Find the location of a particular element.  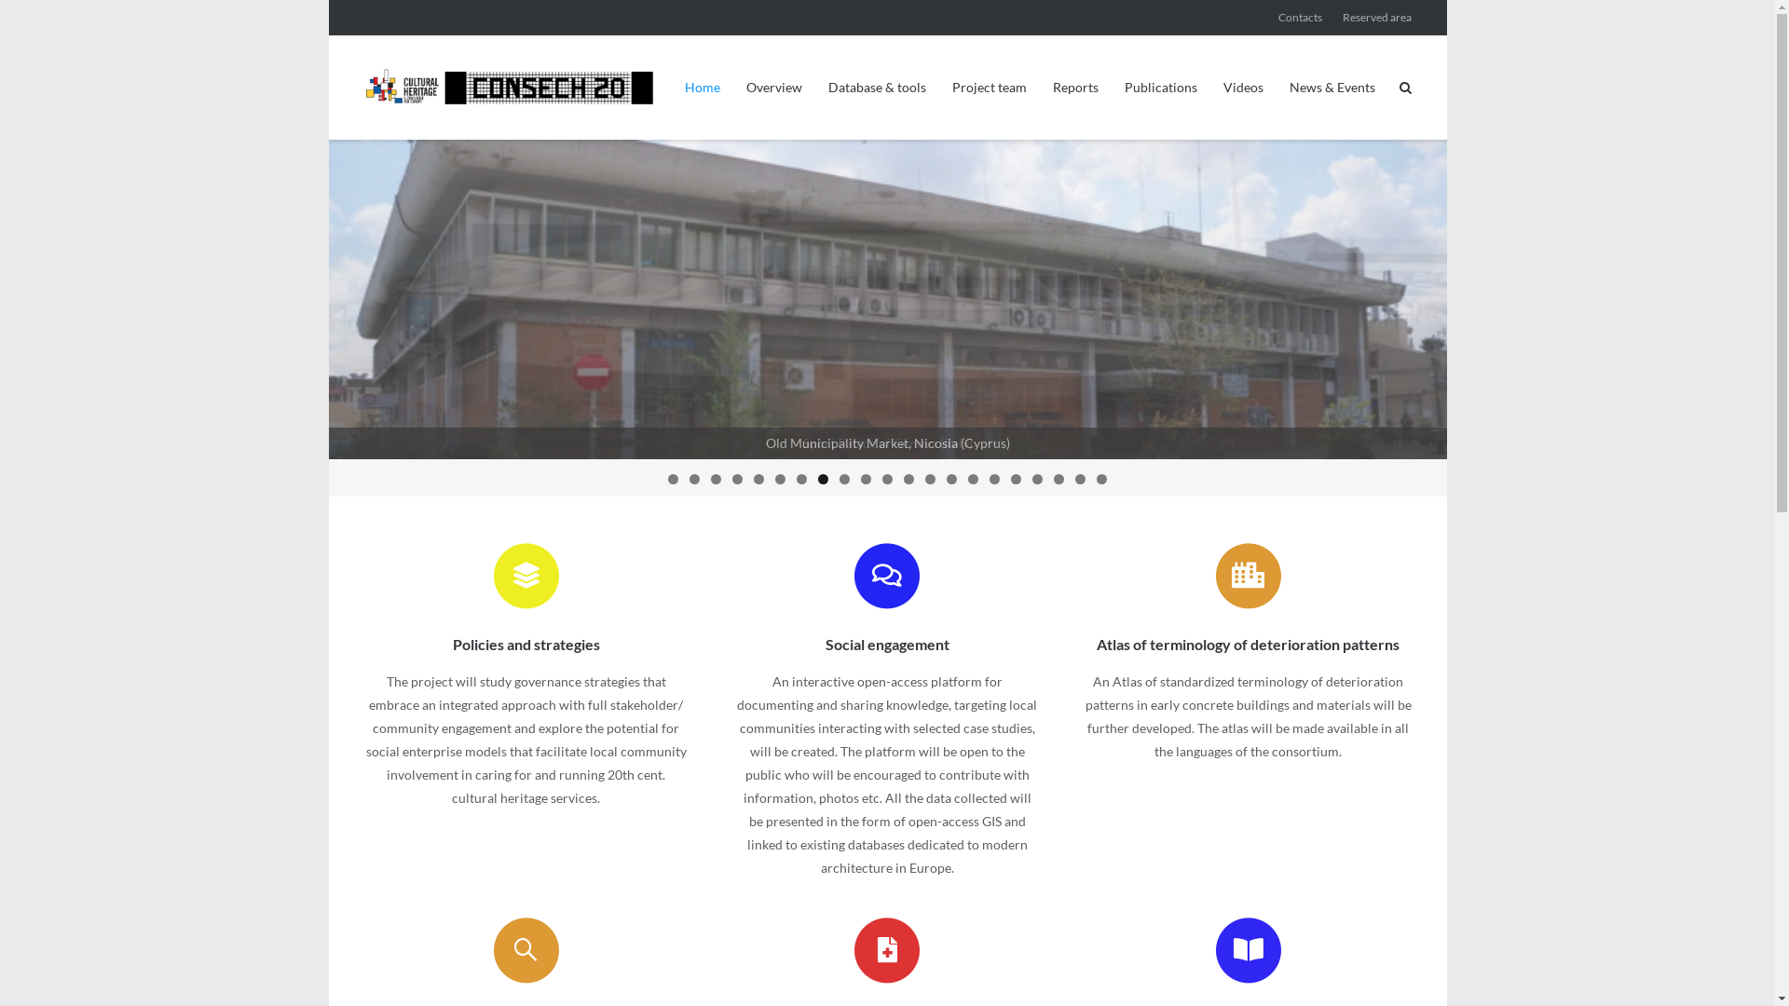

'11' is located at coordinates (886, 478).